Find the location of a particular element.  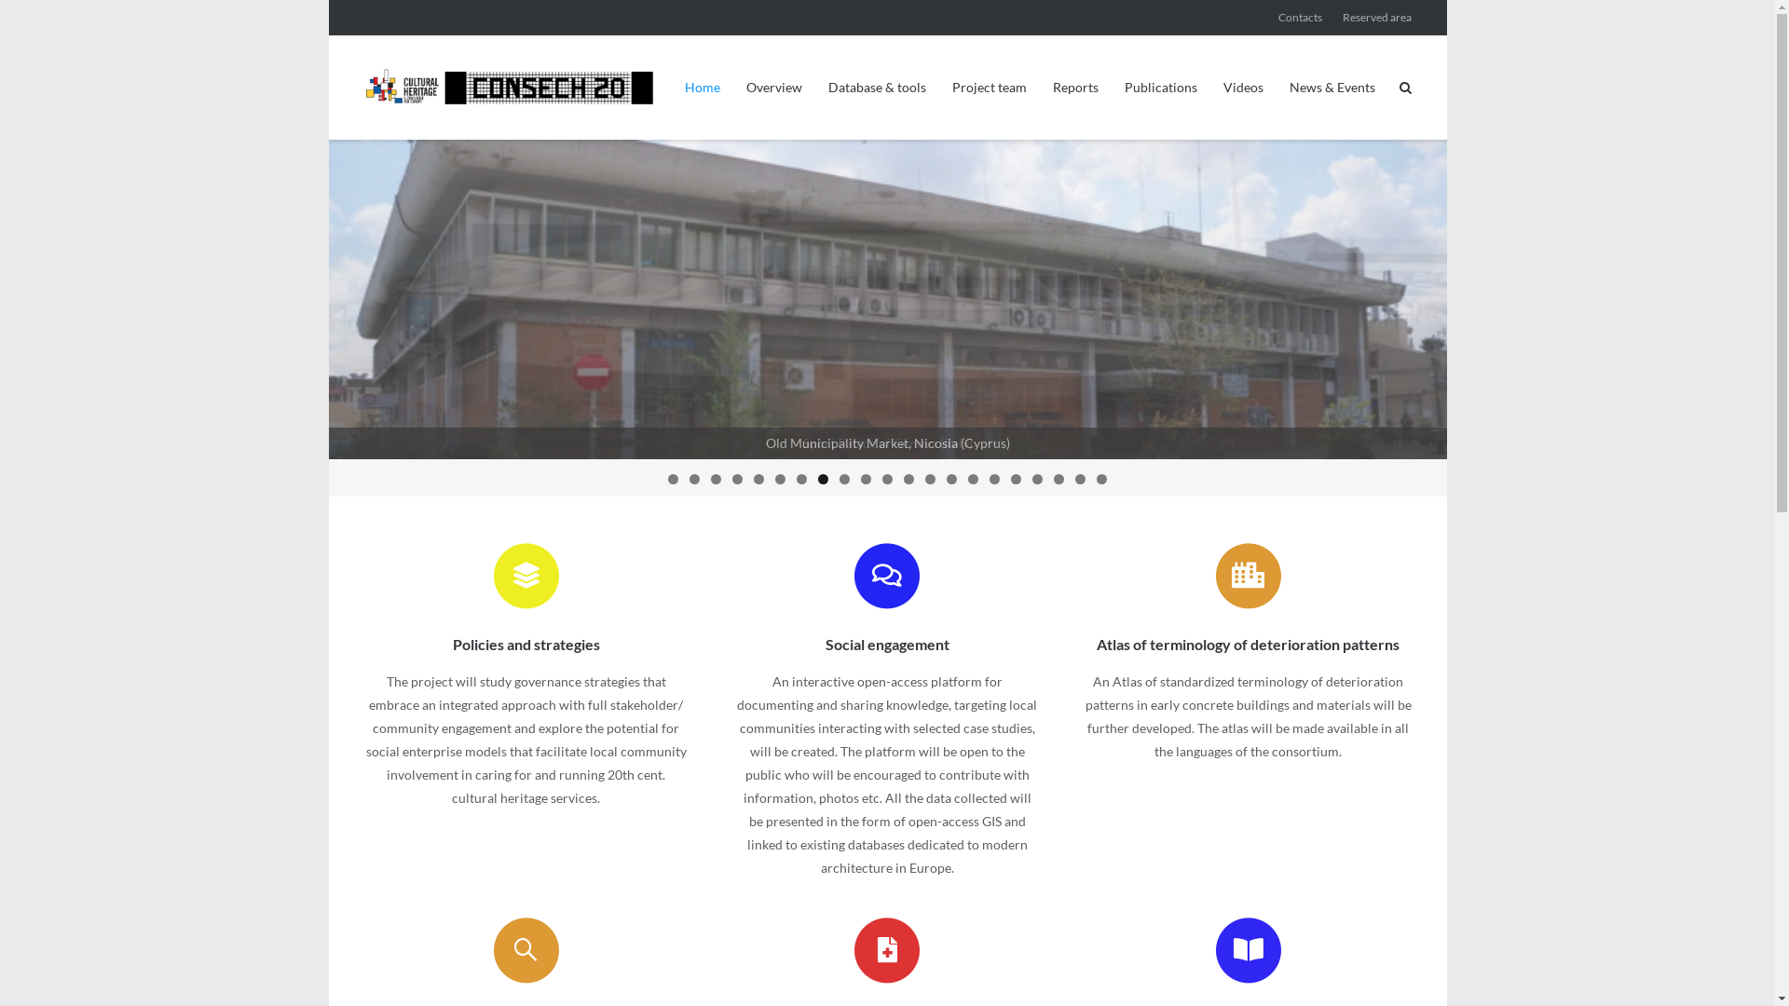

'11' is located at coordinates (886, 478).